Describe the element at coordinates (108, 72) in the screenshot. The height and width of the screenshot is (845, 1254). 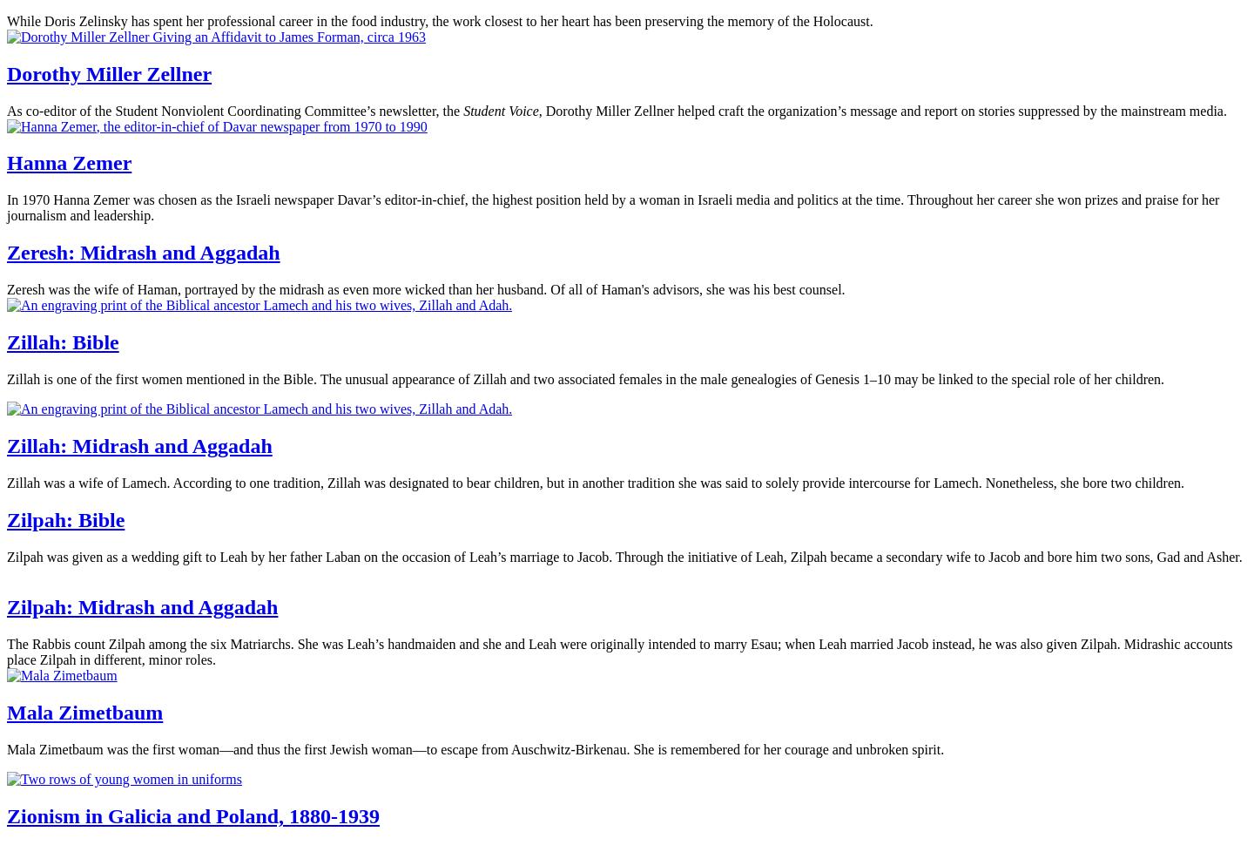
I see `'Dorothy Miller Zellner'` at that location.